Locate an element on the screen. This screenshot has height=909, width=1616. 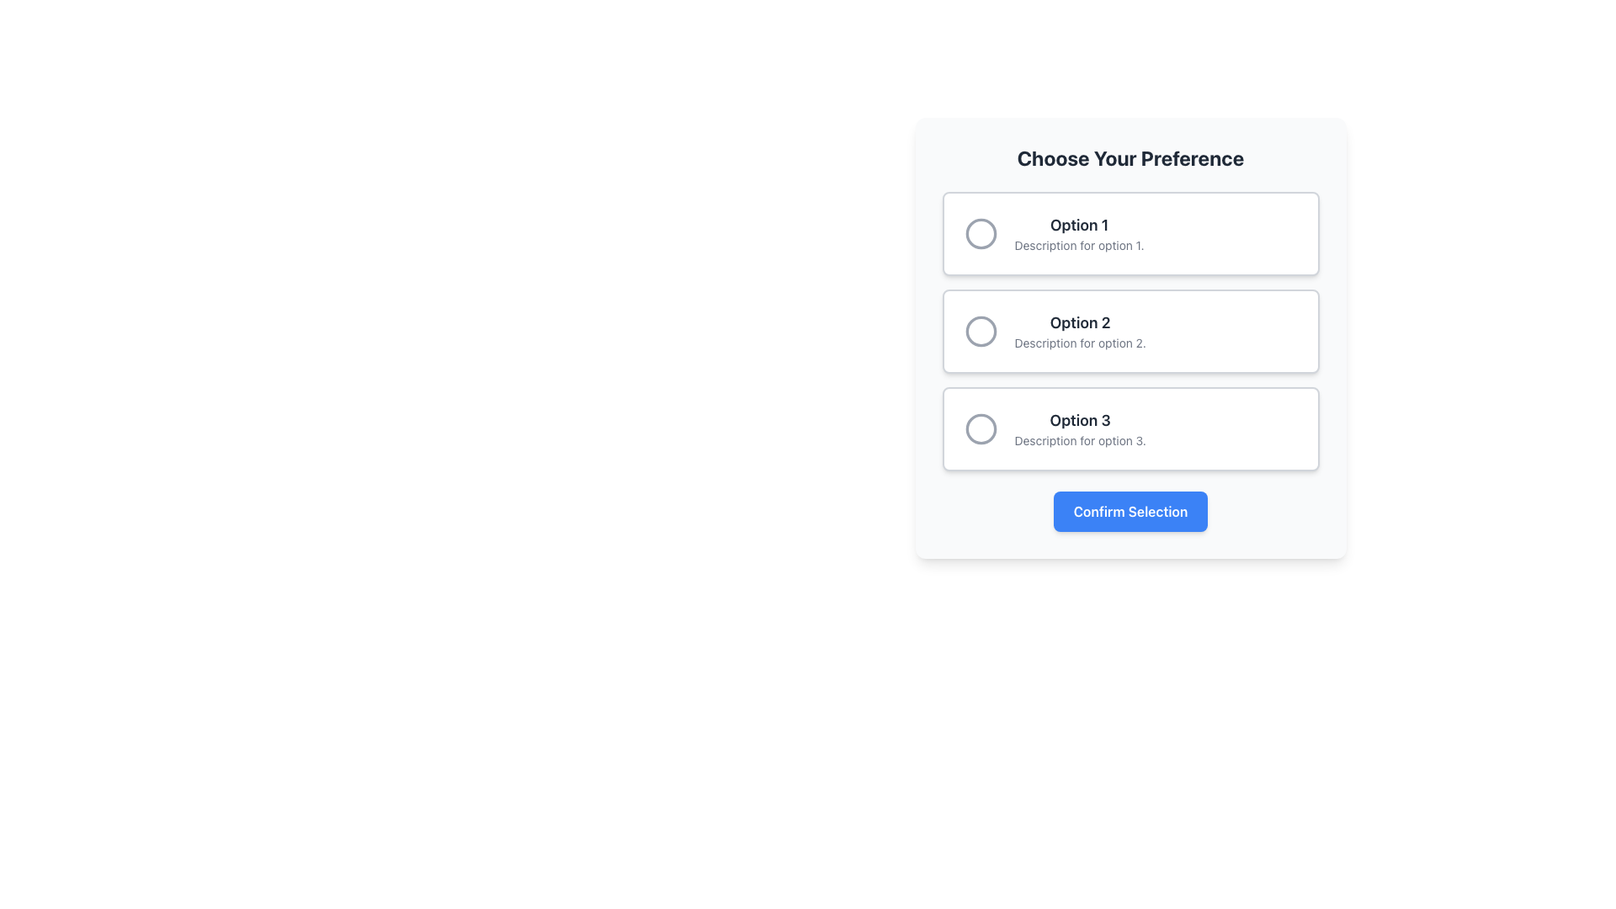
the inner circle of the radio button indicating 'Option 3' in the 'Choose Your Preference' selection list is located at coordinates (981, 428).